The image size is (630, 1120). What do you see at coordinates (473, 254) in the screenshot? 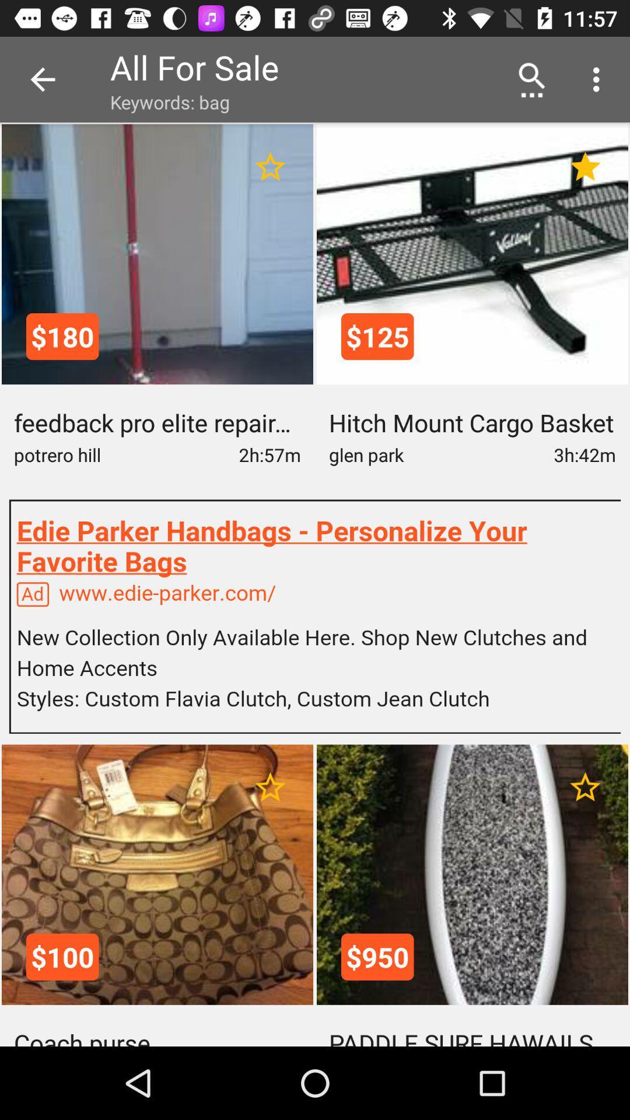
I see `the image containing 125` at bounding box center [473, 254].